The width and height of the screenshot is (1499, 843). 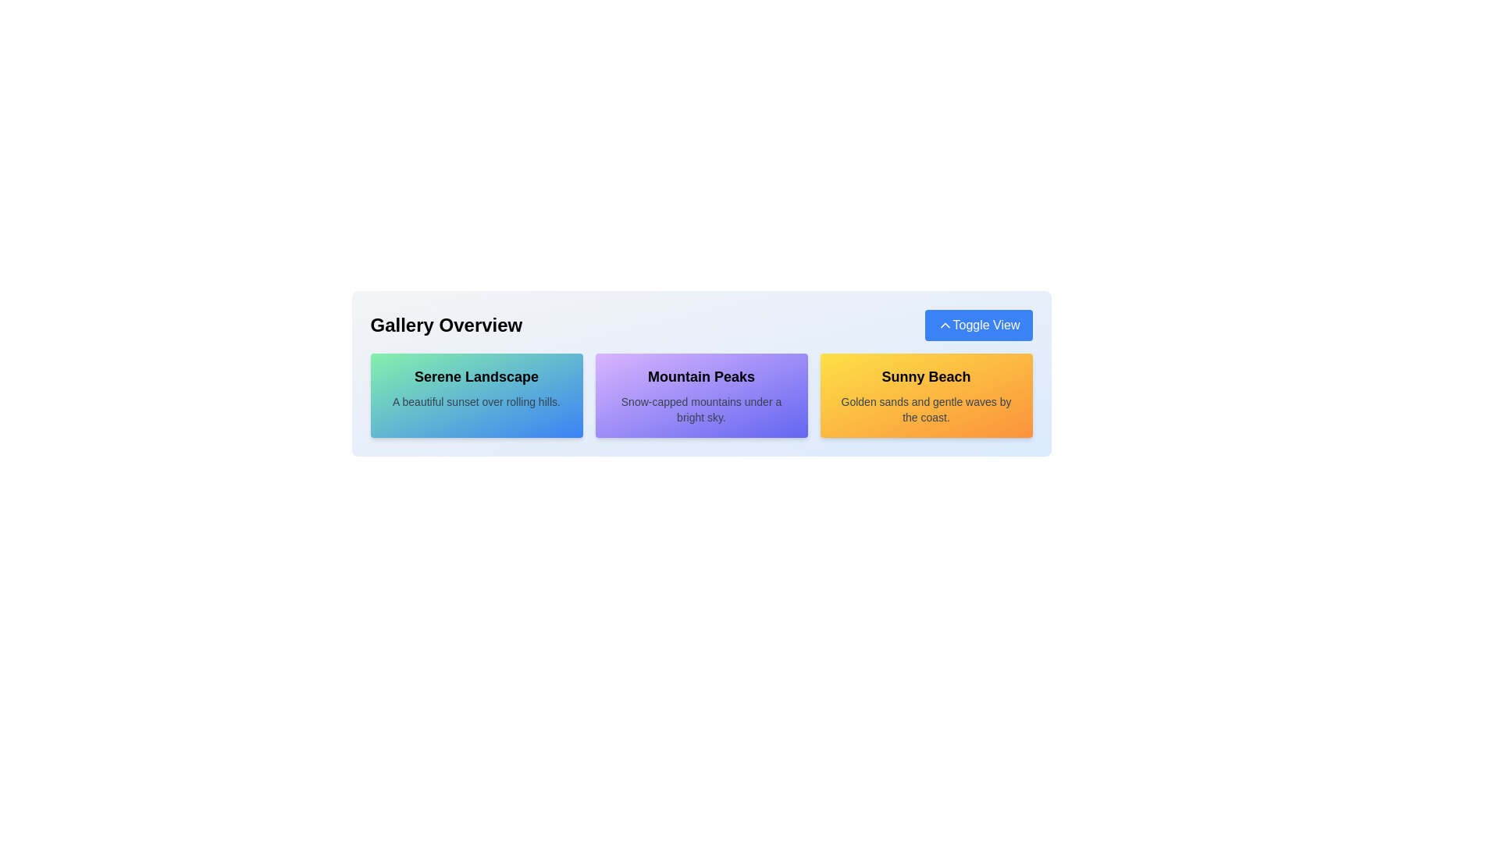 I want to click on the static informational card titled 'Mountain Peaks' which is a purple rectangular block with a shadow effect, located in the middle of a row of three blocks, so click(x=700, y=394).